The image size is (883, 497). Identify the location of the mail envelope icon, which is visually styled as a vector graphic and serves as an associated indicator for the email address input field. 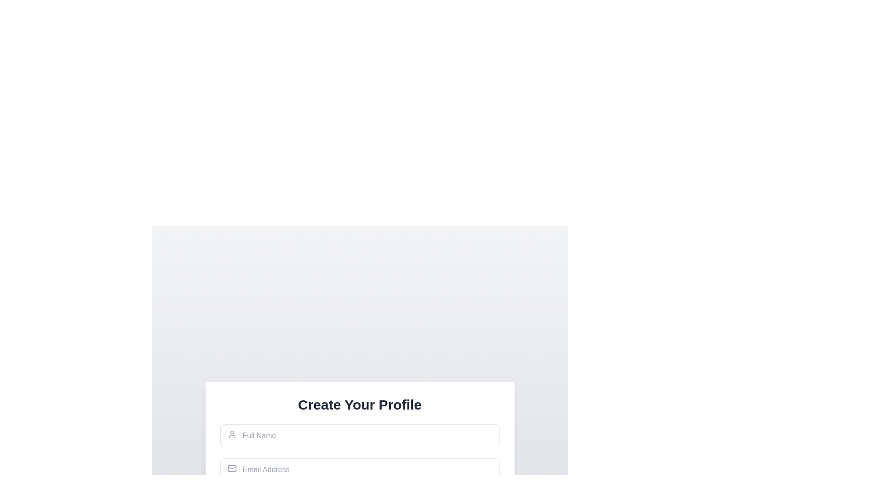
(232, 468).